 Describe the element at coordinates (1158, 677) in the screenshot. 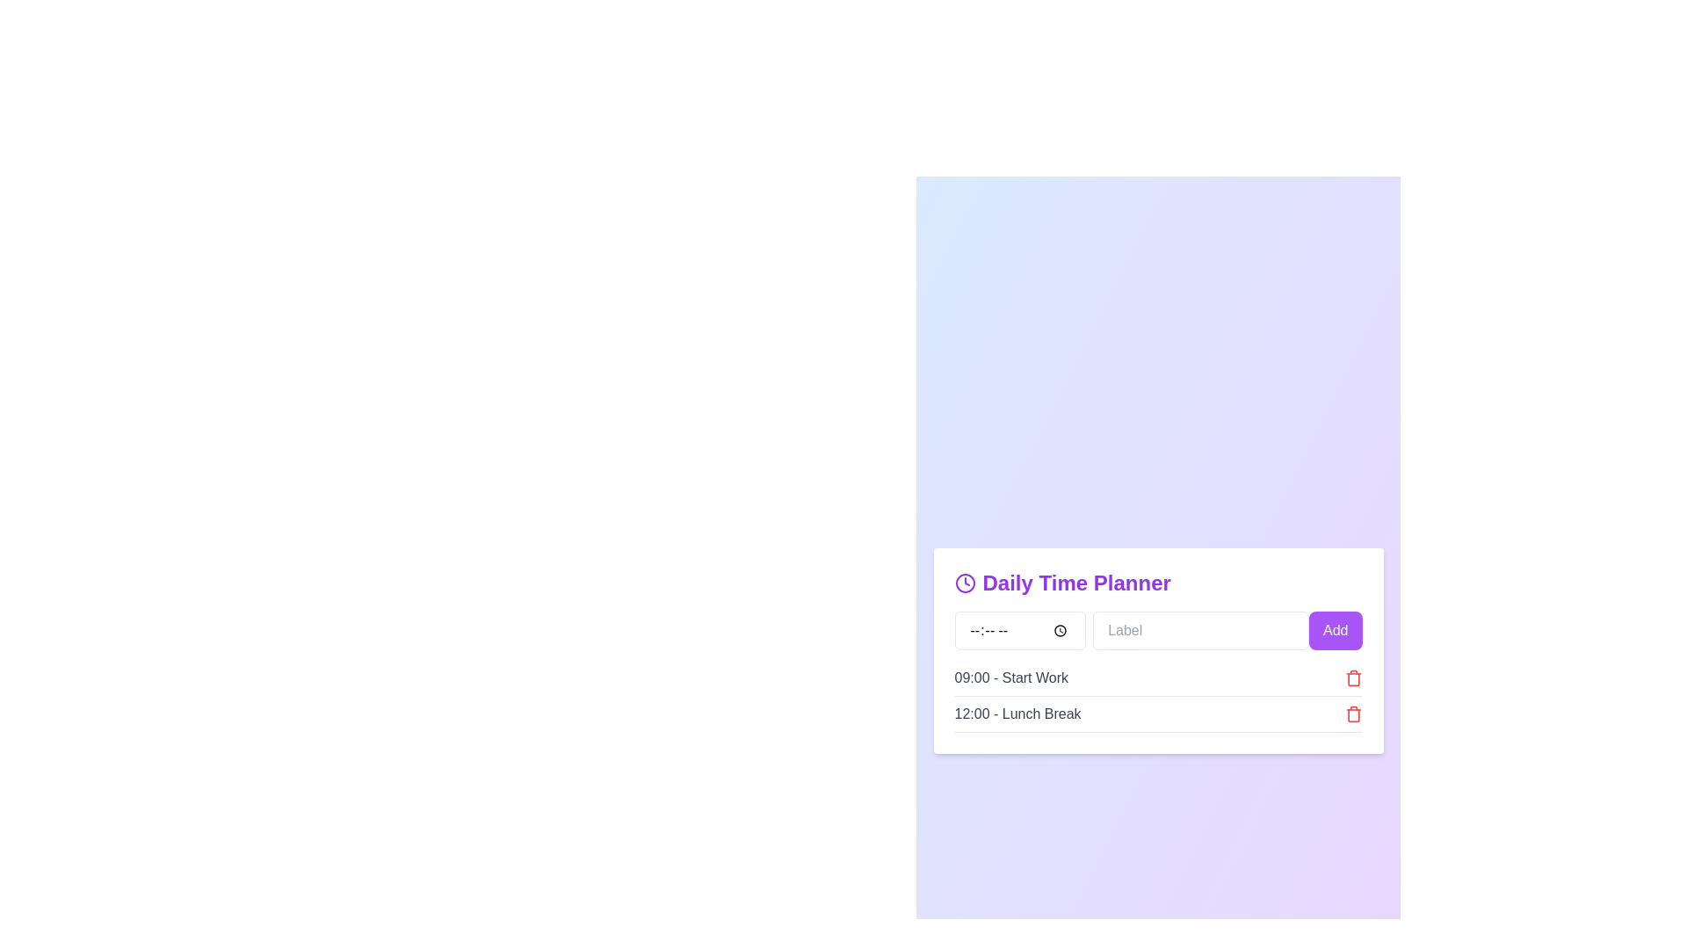

I see `the first scheduled task entry labeled 'Start Work' in the Daily Time Planner interface` at that location.